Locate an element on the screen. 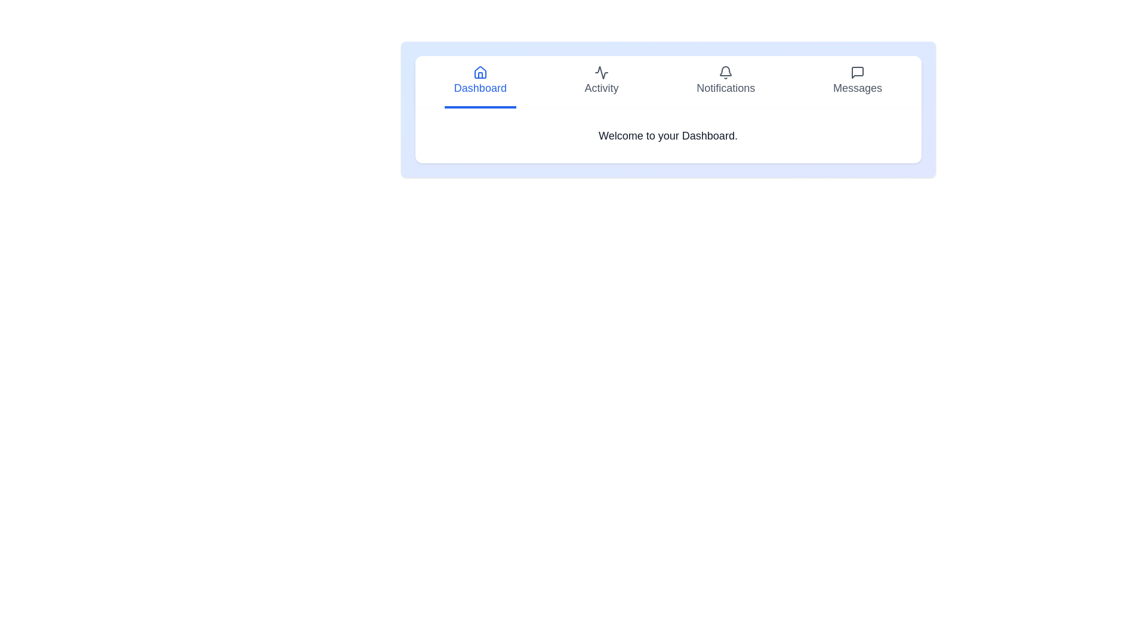  the tab labeled Notifications is located at coordinates (725, 82).